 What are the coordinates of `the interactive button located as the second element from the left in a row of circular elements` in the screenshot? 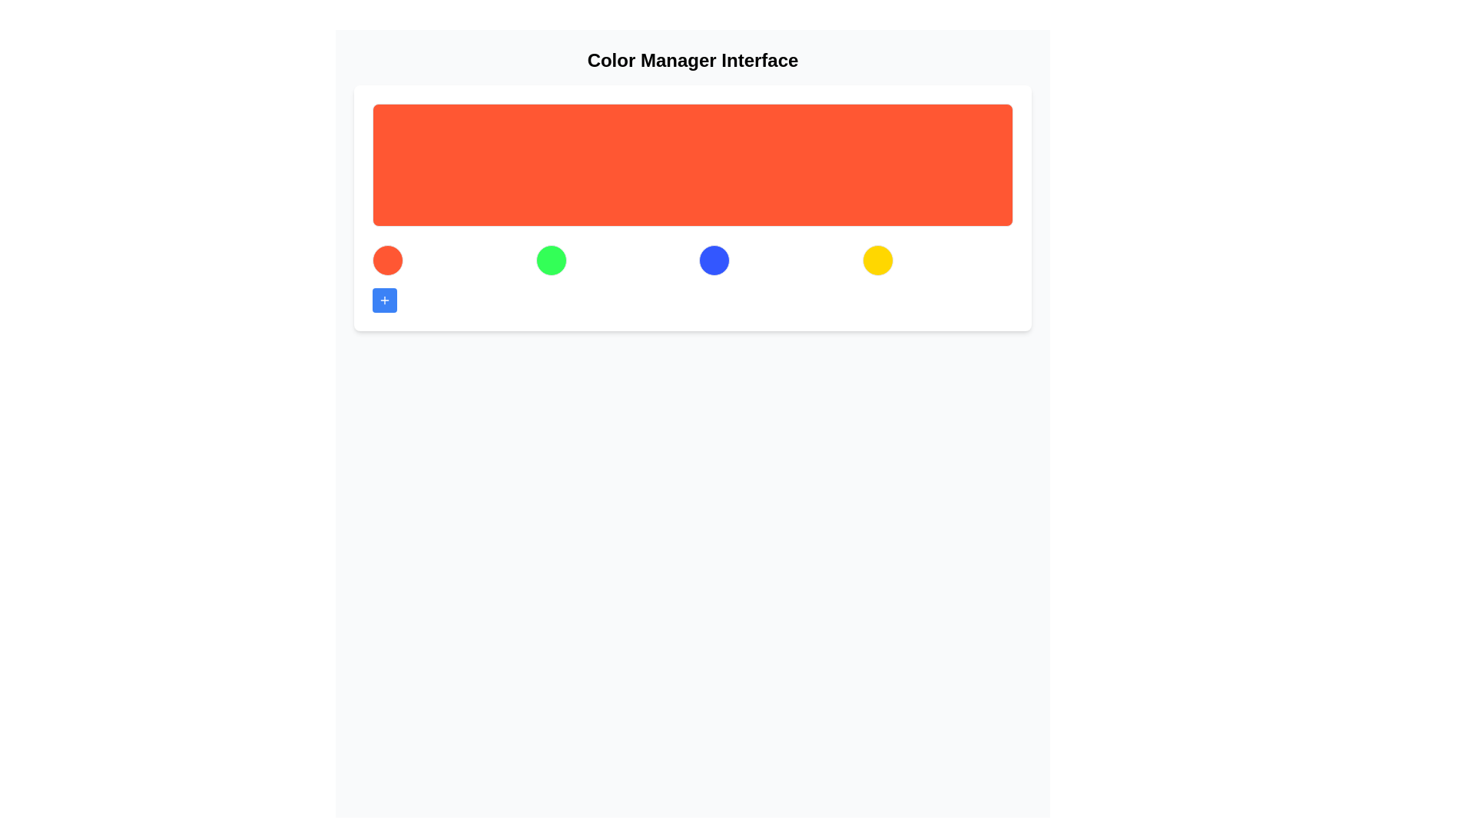 It's located at (551, 260).